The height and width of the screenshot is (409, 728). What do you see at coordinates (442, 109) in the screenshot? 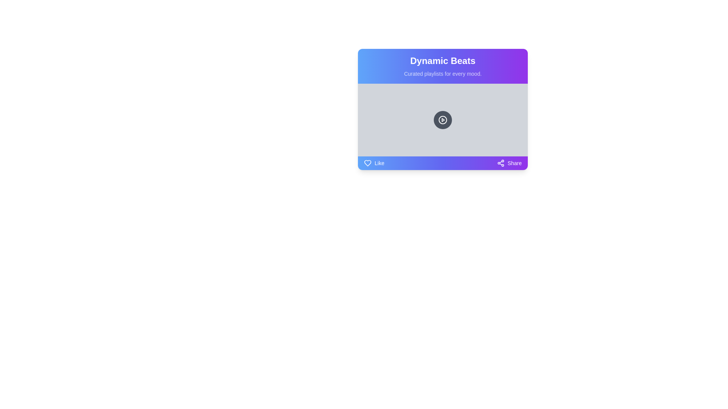
I see `the circular play button with a dark gray background and a triangular play icon, located in the center of the card beneath the 'Dynamic Beats' title and above the 'Like' and 'Share' buttons` at bounding box center [442, 109].